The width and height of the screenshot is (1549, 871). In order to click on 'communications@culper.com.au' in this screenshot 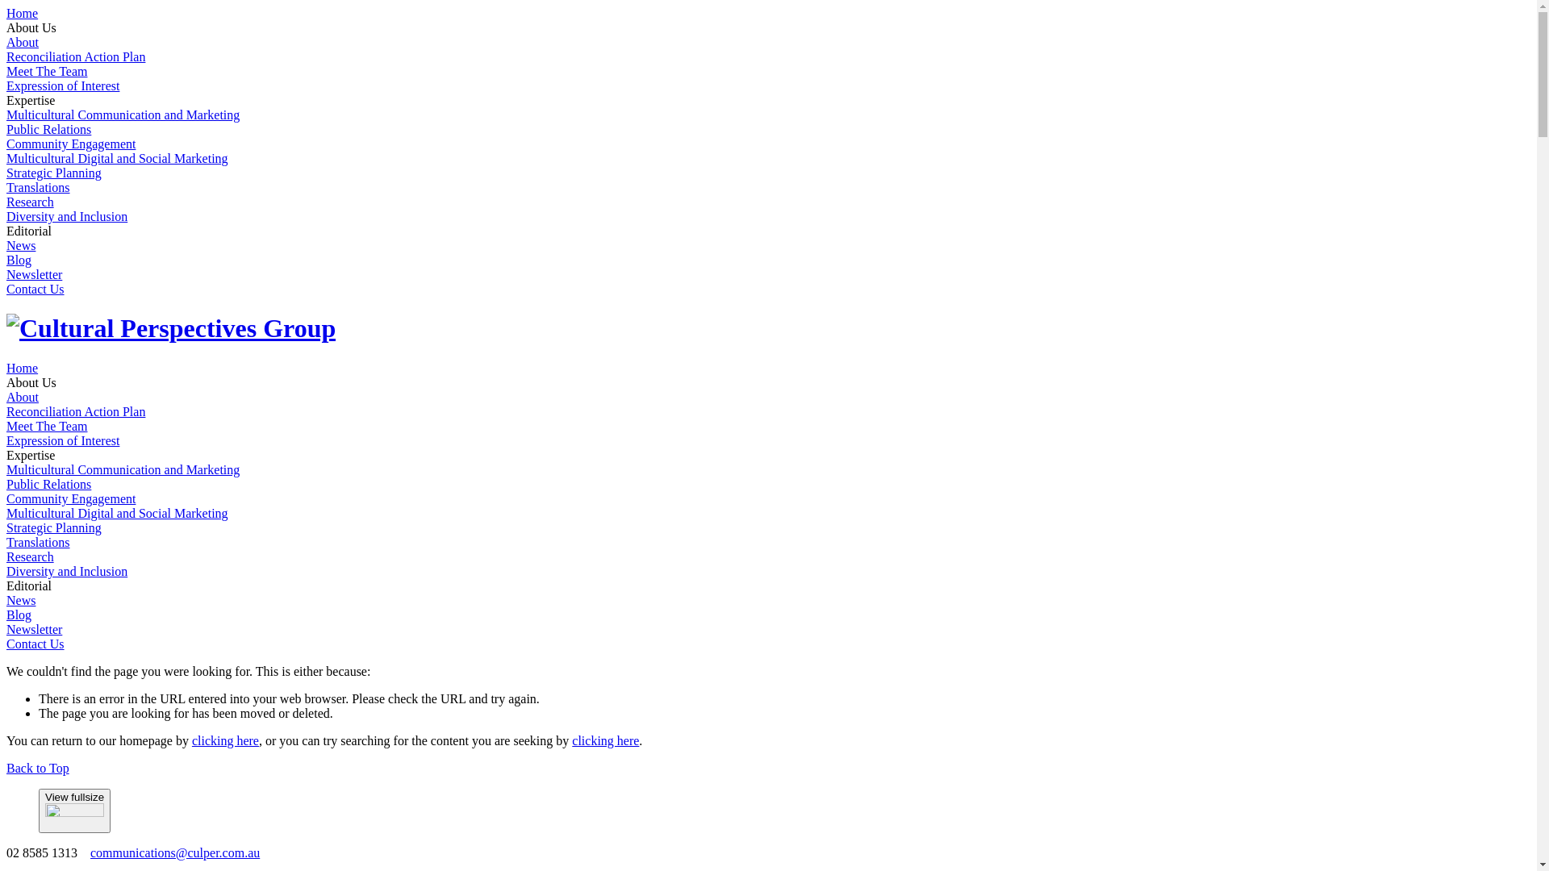, I will do `click(174, 852)`.